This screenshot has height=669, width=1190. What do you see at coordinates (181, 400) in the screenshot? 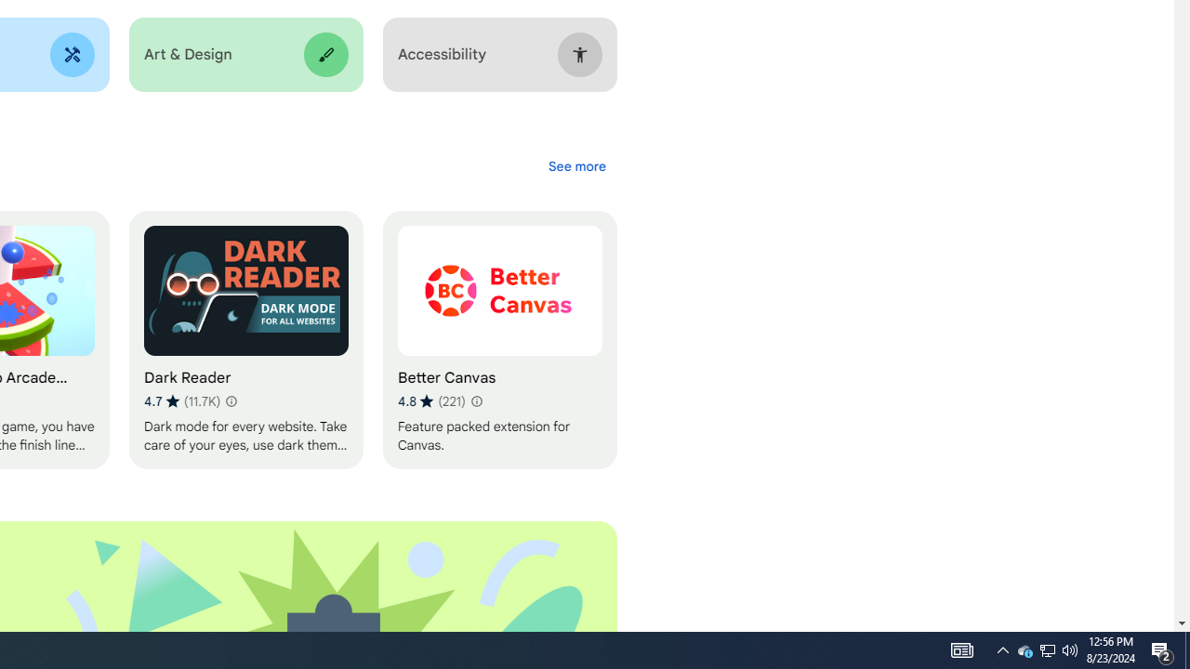
I see `'Average rating 4.7 out of 5 stars. 11.7K ratings.'` at bounding box center [181, 400].